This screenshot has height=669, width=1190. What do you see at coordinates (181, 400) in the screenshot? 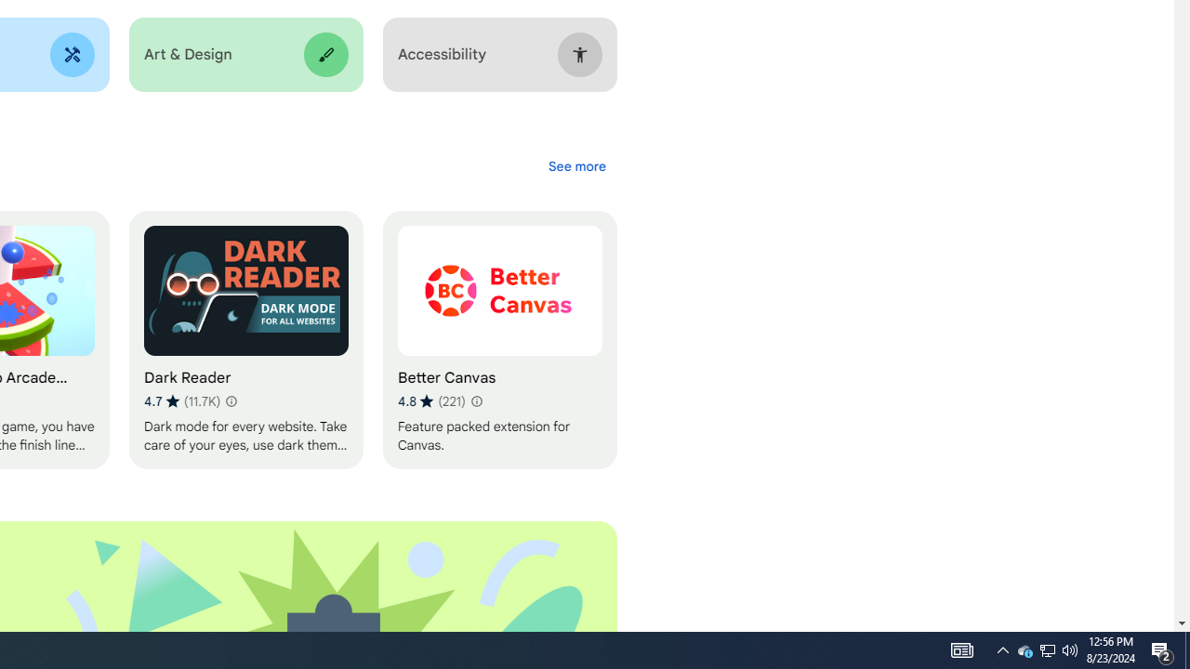
I see `'Average rating 4.7 out of 5 stars. 11.7K ratings.'` at bounding box center [181, 400].